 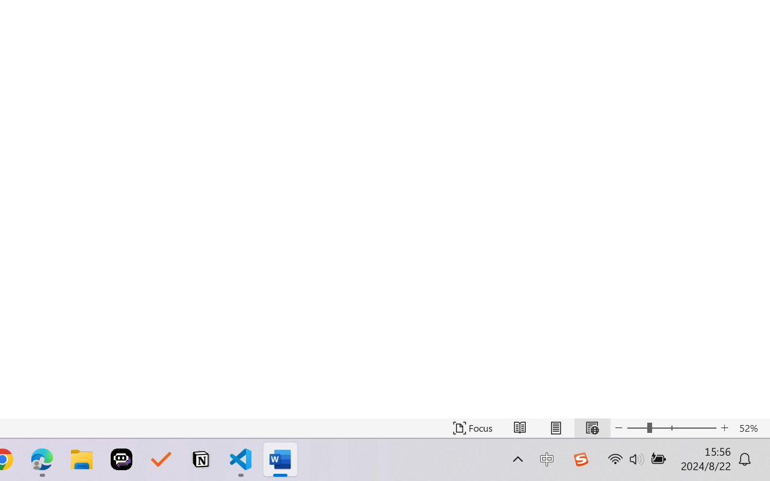 What do you see at coordinates (581, 459) in the screenshot?
I see `'Class: Image'` at bounding box center [581, 459].